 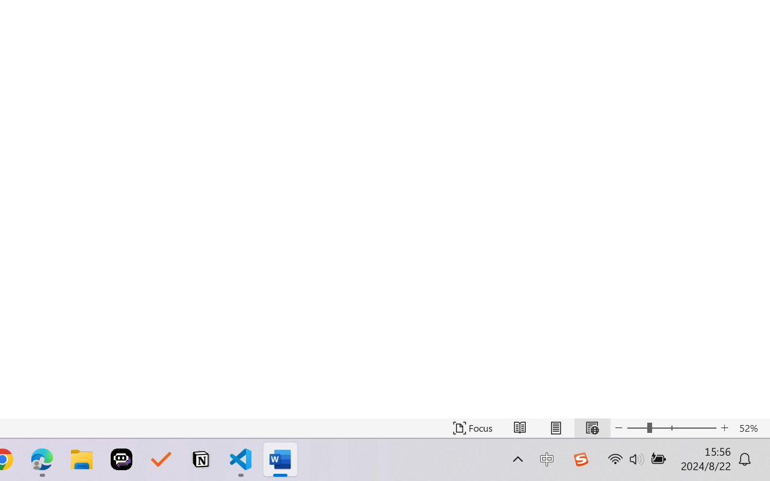 What do you see at coordinates (581, 459) in the screenshot?
I see `'Class: Image'` at bounding box center [581, 459].